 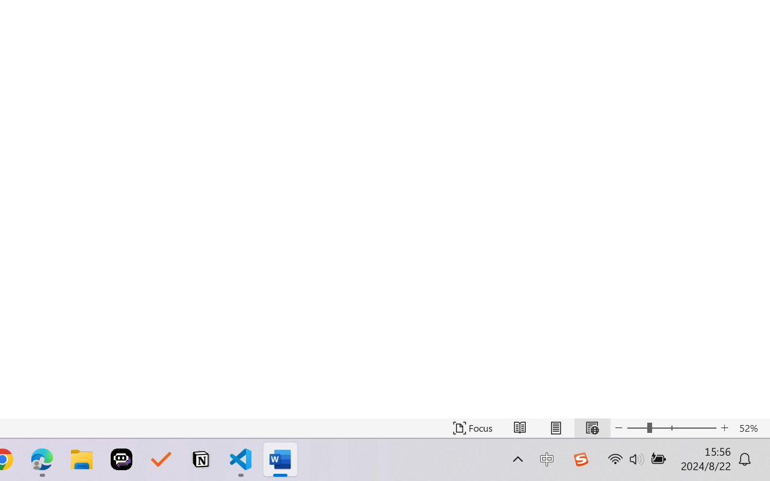 What do you see at coordinates (581, 459) in the screenshot?
I see `'Class: Image'` at bounding box center [581, 459].